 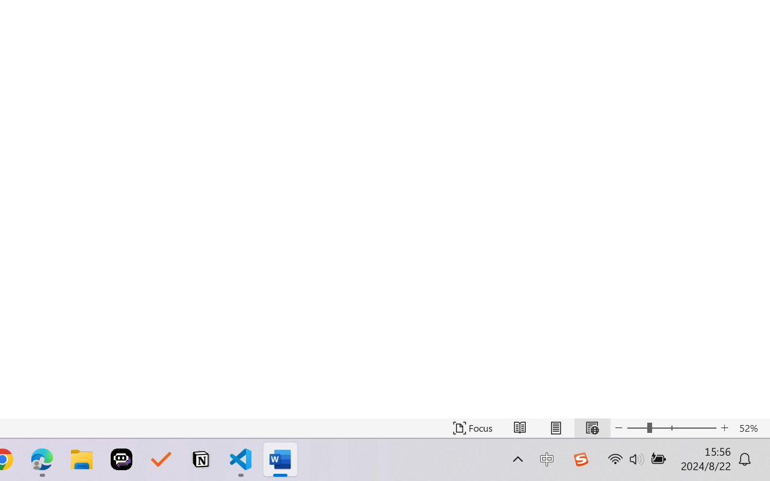 What do you see at coordinates (581, 459) in the screenshot?
I see `'Class: Image'` at bounding box center [581, 459].